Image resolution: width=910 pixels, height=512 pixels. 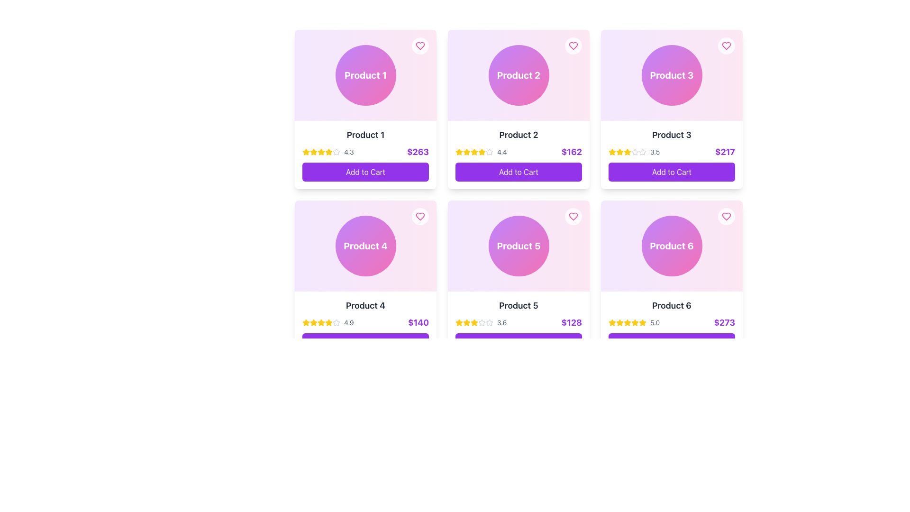 I want to click on the circular informational graphic labeled 'Product 1' with a gradient background from purple to pink, which is the first item in the grid layout, so click(x=365, y=74).